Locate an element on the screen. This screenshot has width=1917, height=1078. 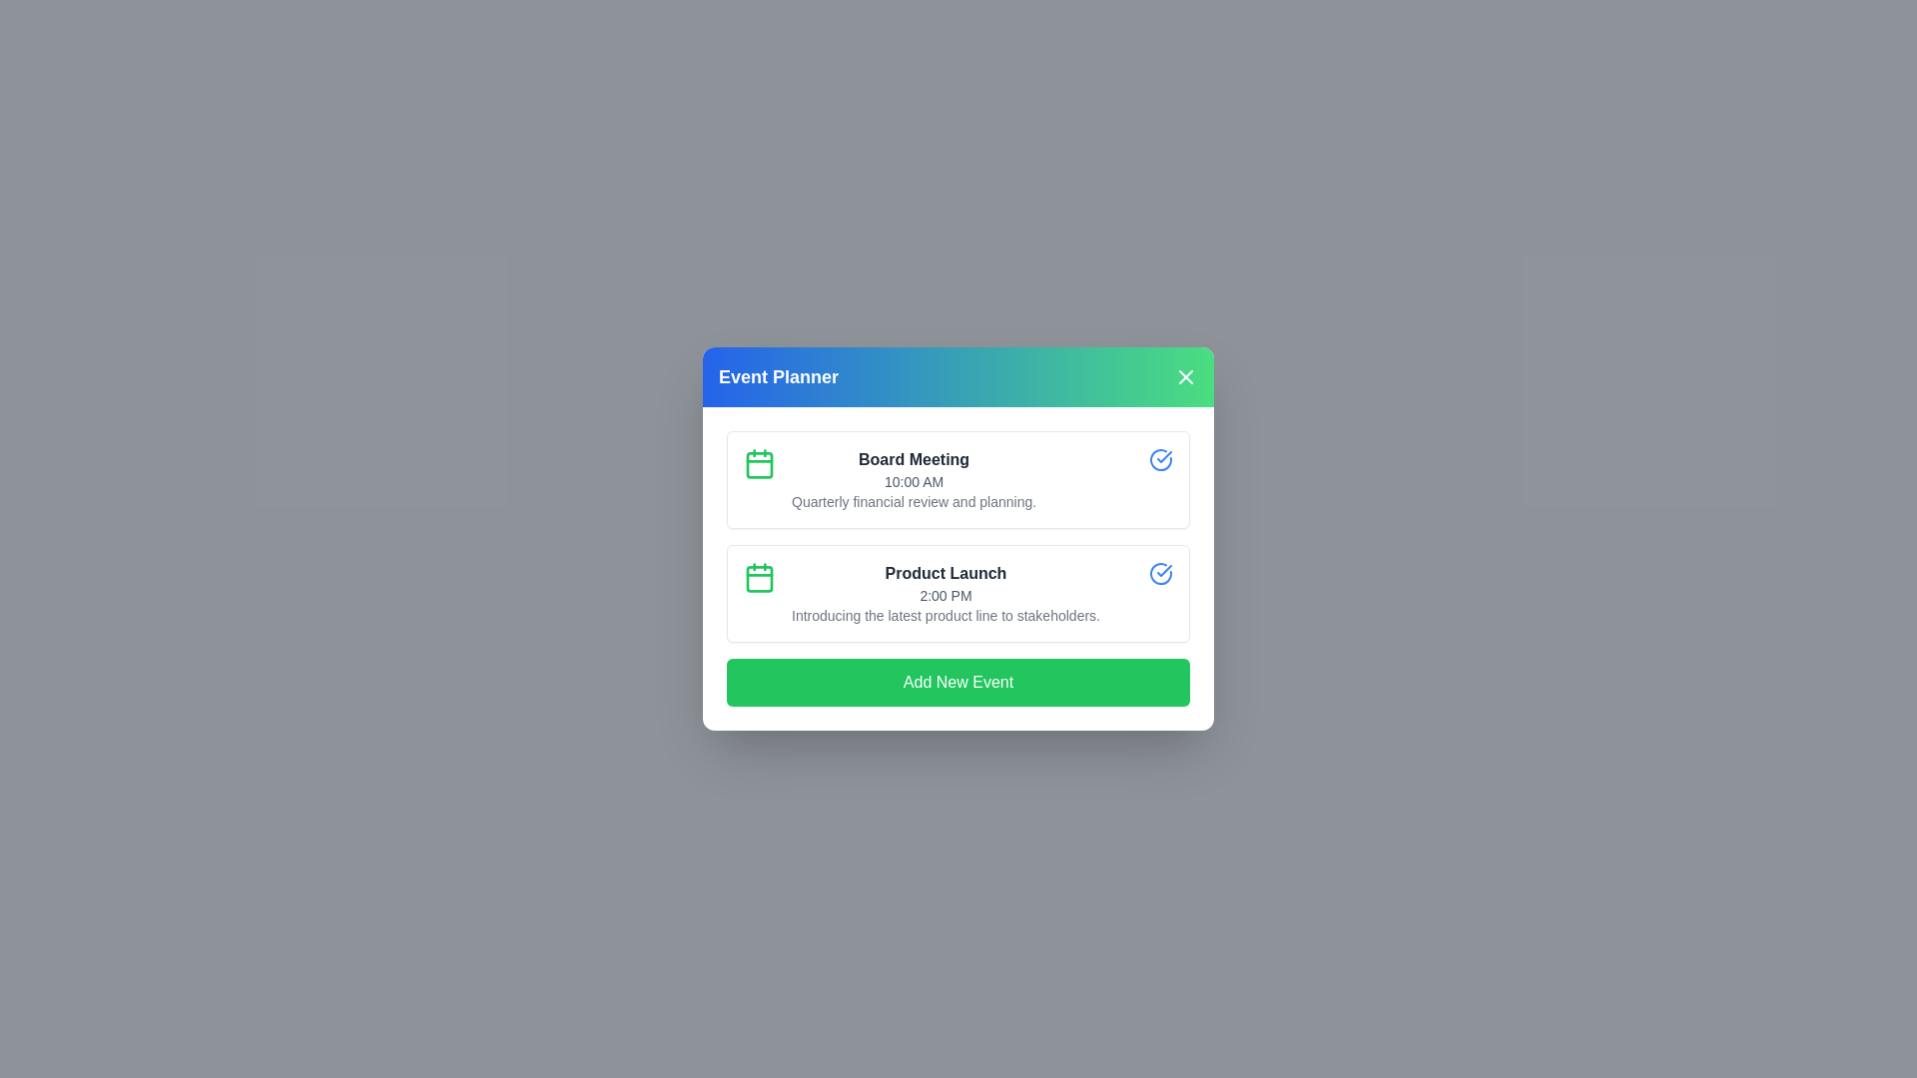
the calendar icon with a green outline located on the left side of the 'Product Launch' entry in the 'Event Planner' interface is located at coordinates (759, 577).